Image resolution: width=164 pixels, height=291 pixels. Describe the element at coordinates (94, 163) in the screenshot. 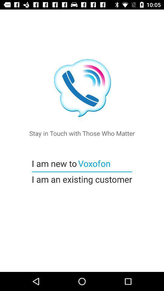

I see `voxofon icon` at that location.